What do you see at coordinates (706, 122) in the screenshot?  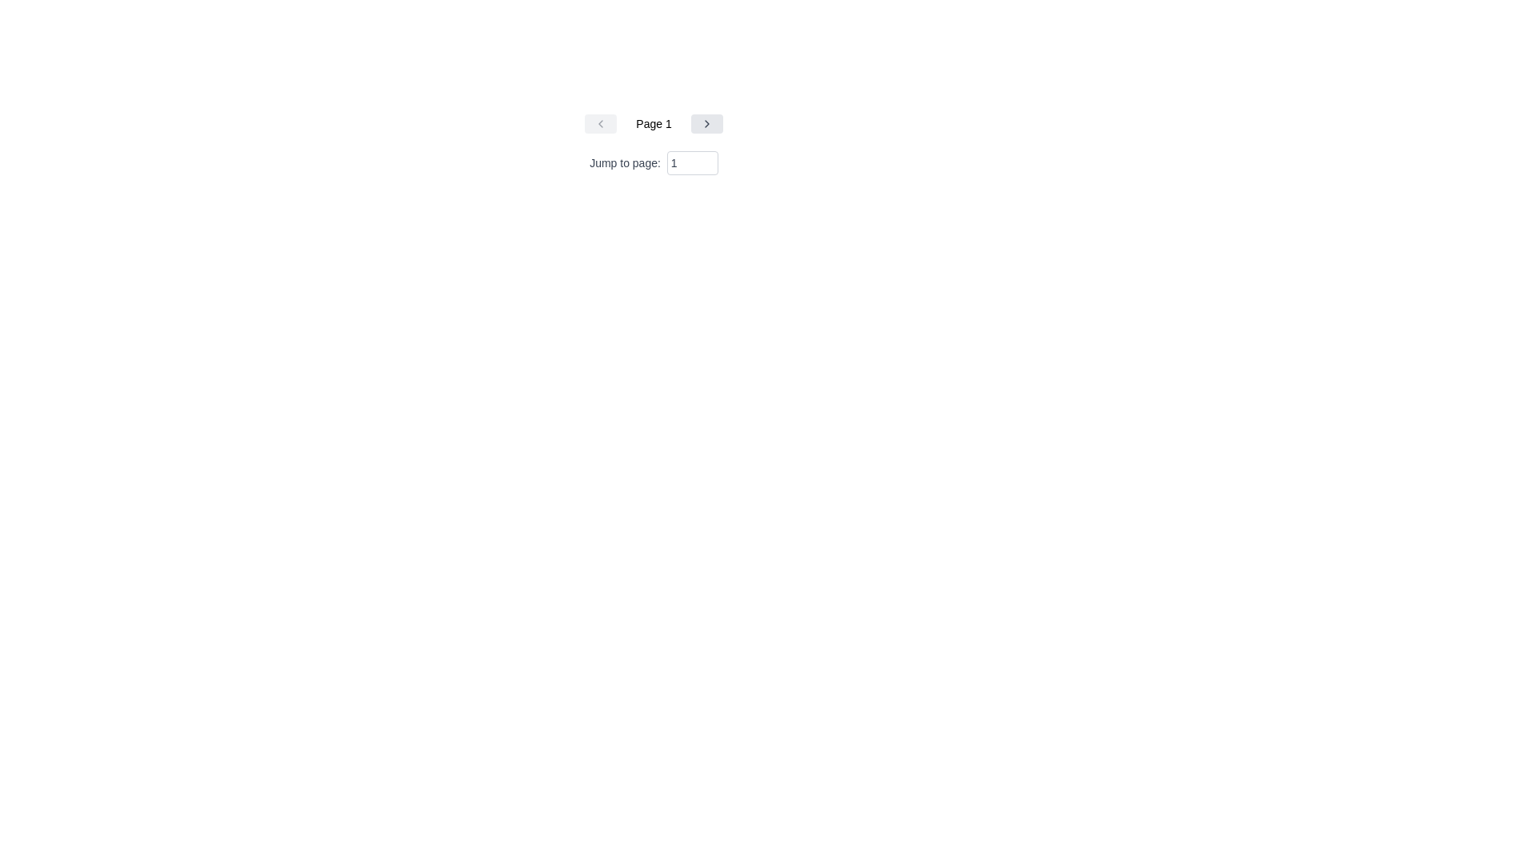 I see `the forward navigation button located on the rightmost side of the horizontal navigation group labeled 'Page 1'` at bounding box center [706, 122].